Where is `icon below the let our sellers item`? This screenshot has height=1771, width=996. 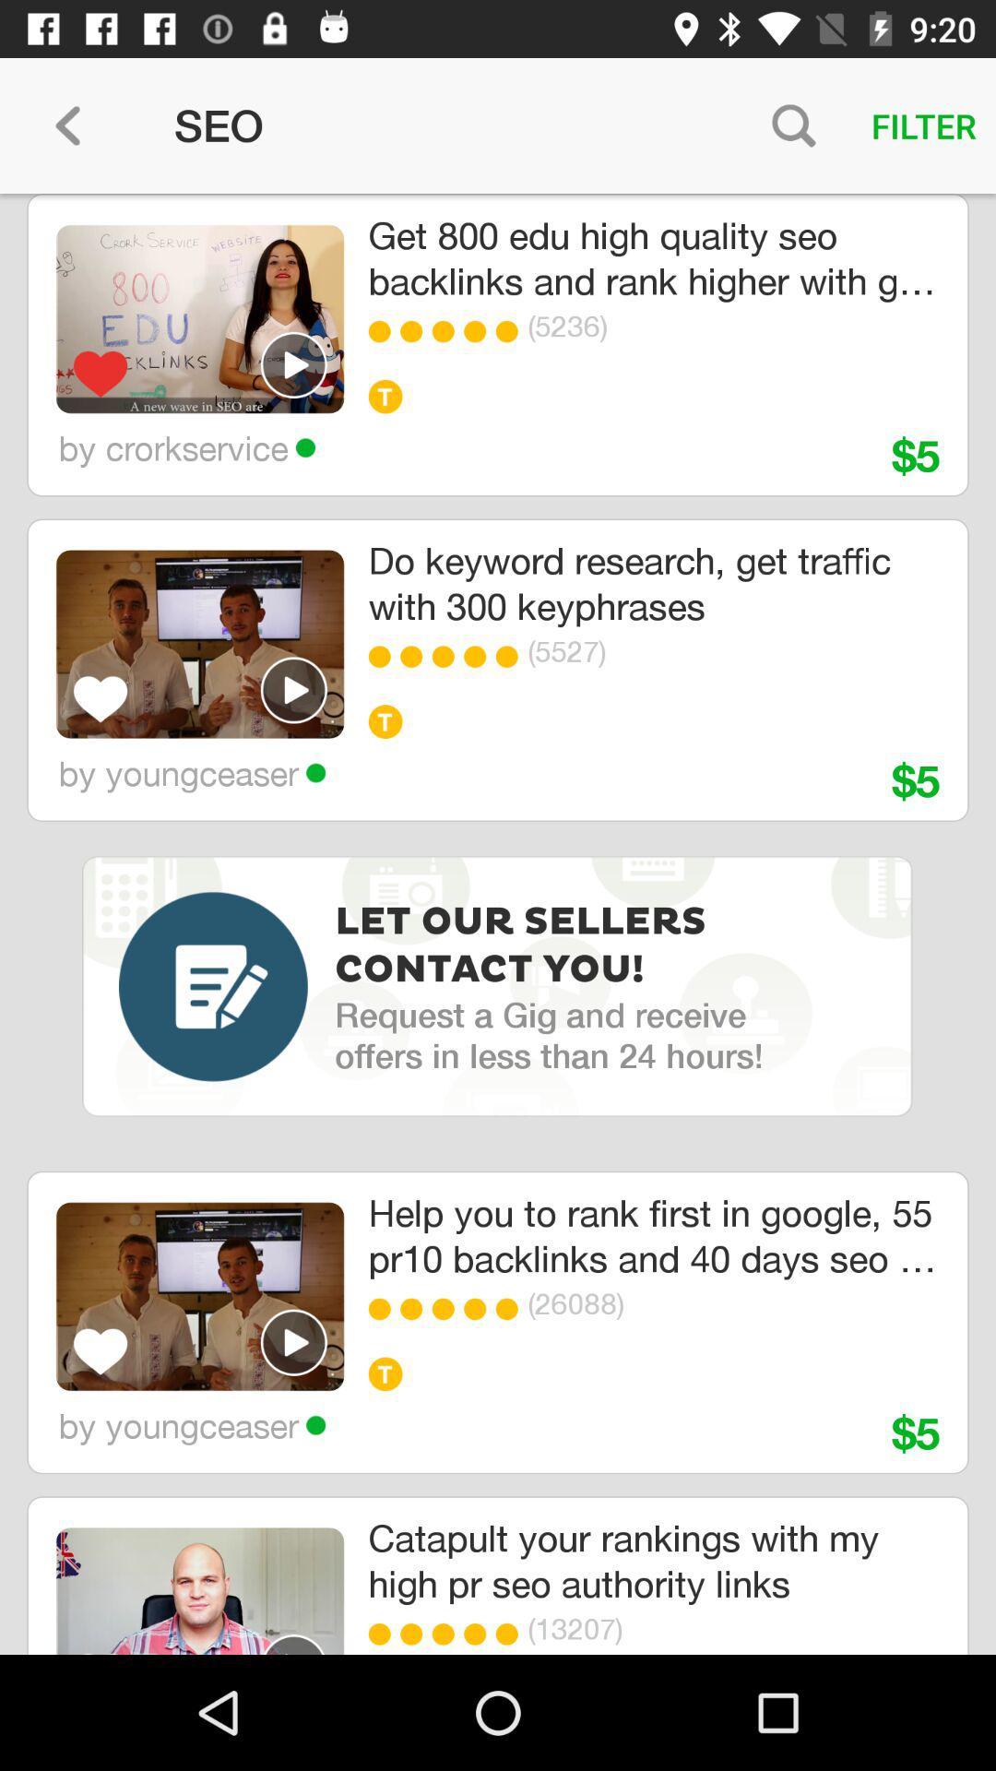 icon below the let our sellers item is located at coordinates (548, 1035).